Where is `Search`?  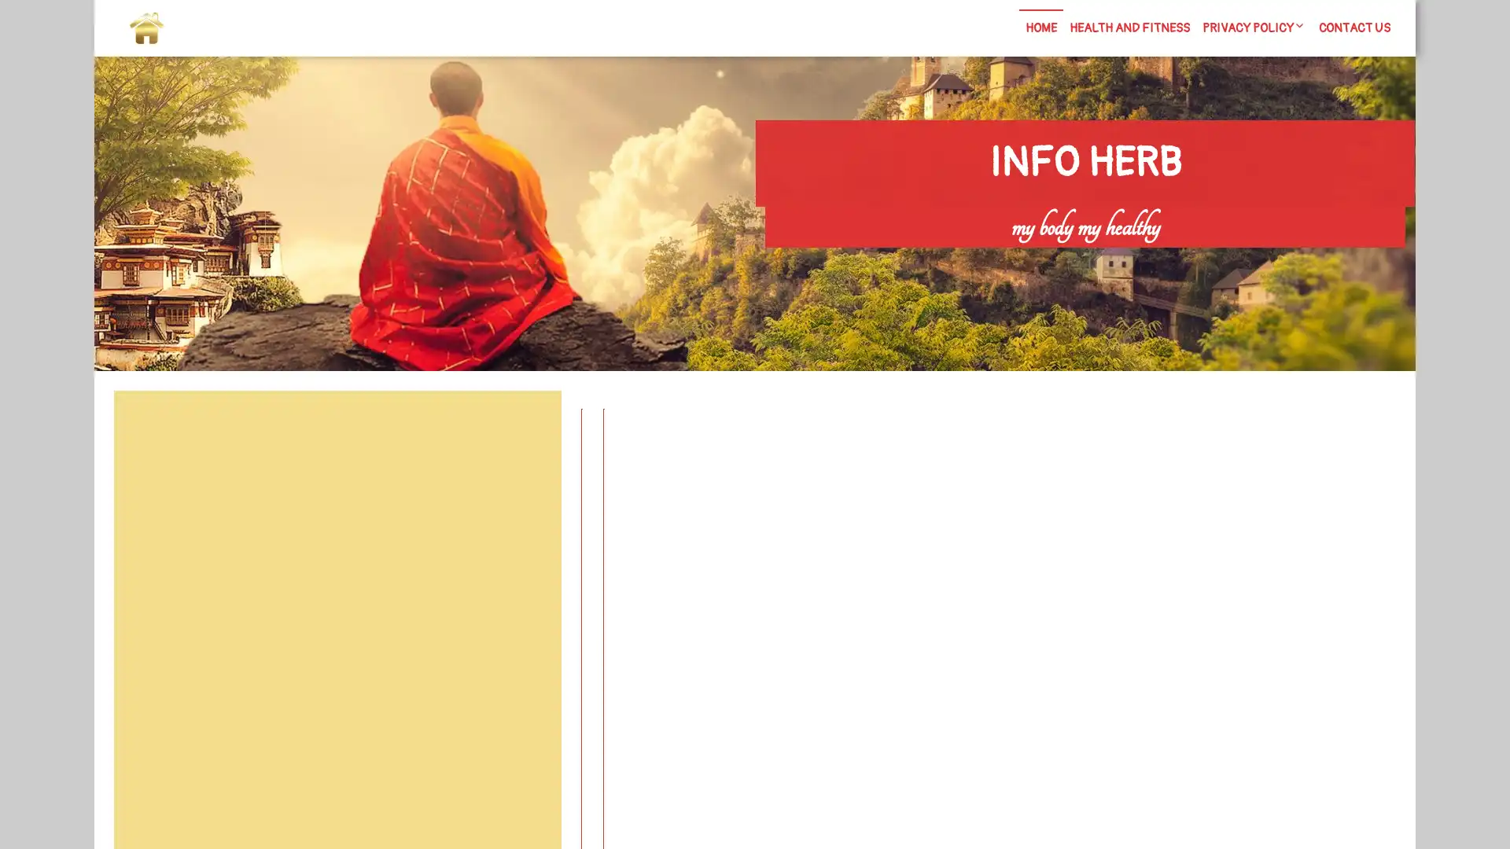
Search is located at coordinates (1225, 257).